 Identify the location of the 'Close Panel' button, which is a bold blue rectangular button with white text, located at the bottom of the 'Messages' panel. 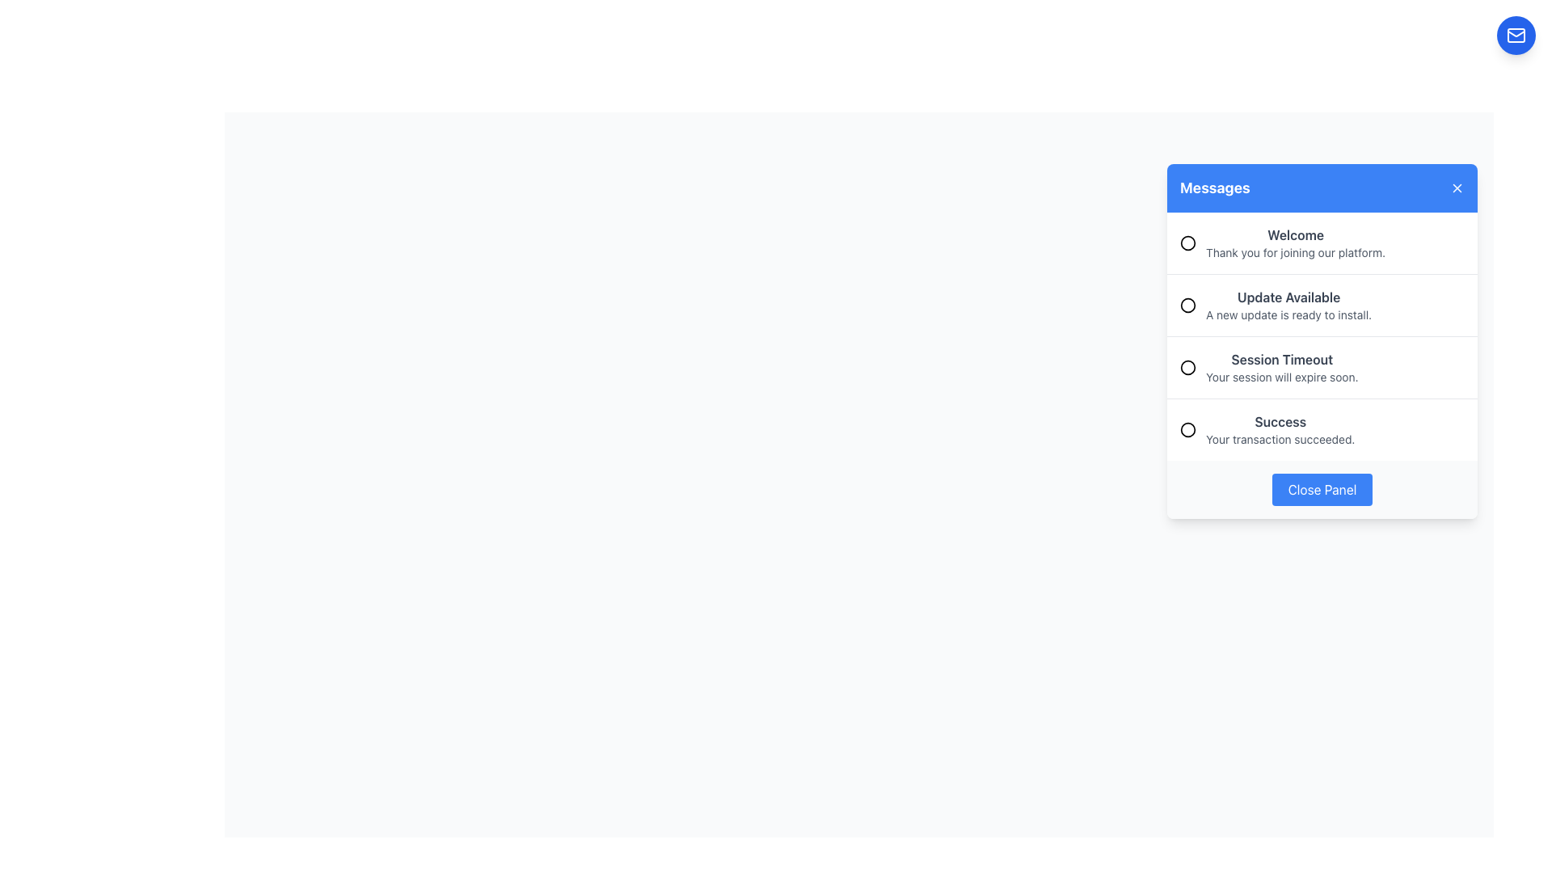
(1322, 488).